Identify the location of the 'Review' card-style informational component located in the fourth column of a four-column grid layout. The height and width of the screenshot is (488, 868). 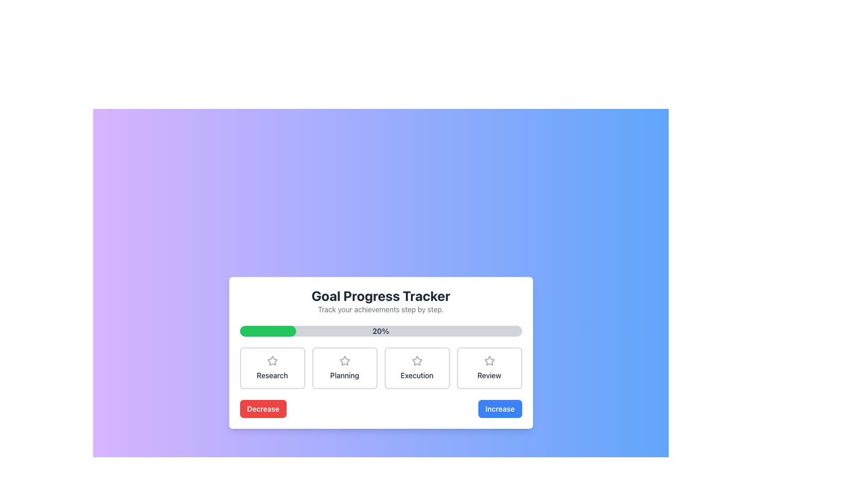
(489, 368).